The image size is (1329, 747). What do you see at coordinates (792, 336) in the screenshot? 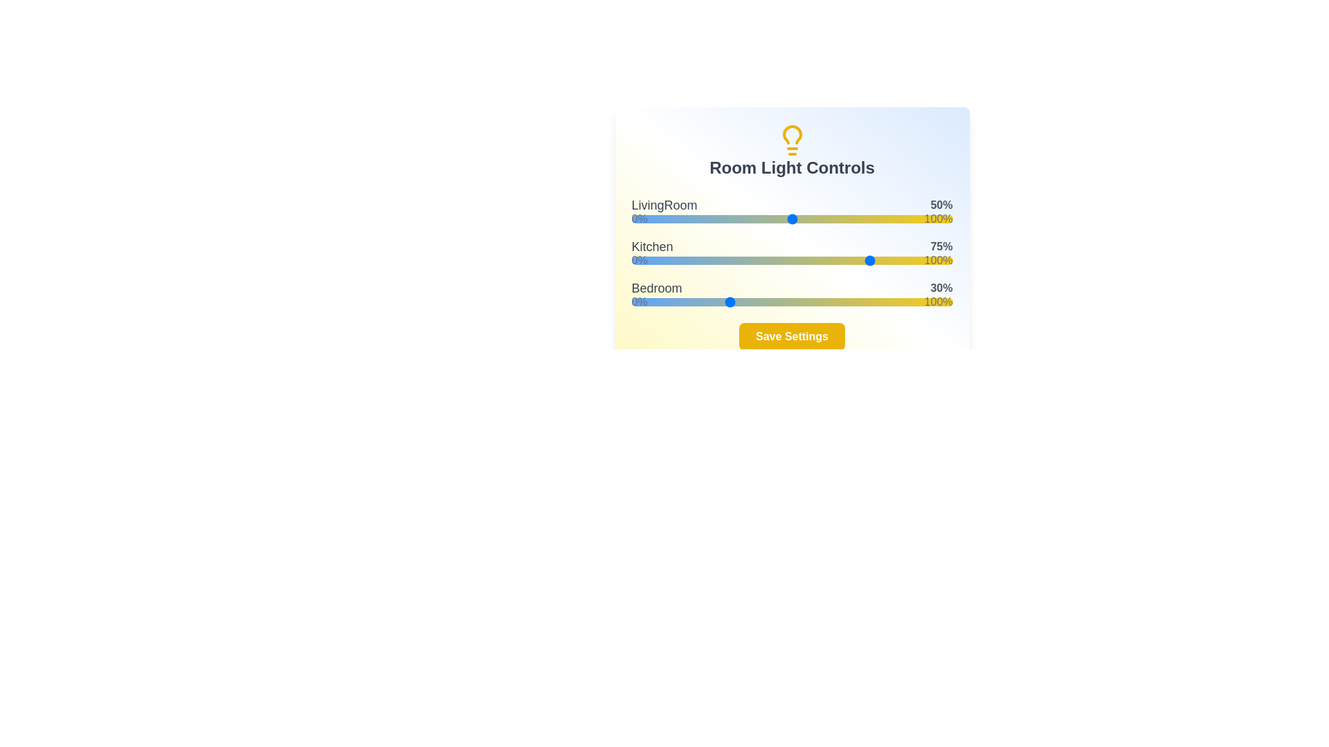
I see `'Save Settings' button to save the current light levels` at bounding box center [792, 336].